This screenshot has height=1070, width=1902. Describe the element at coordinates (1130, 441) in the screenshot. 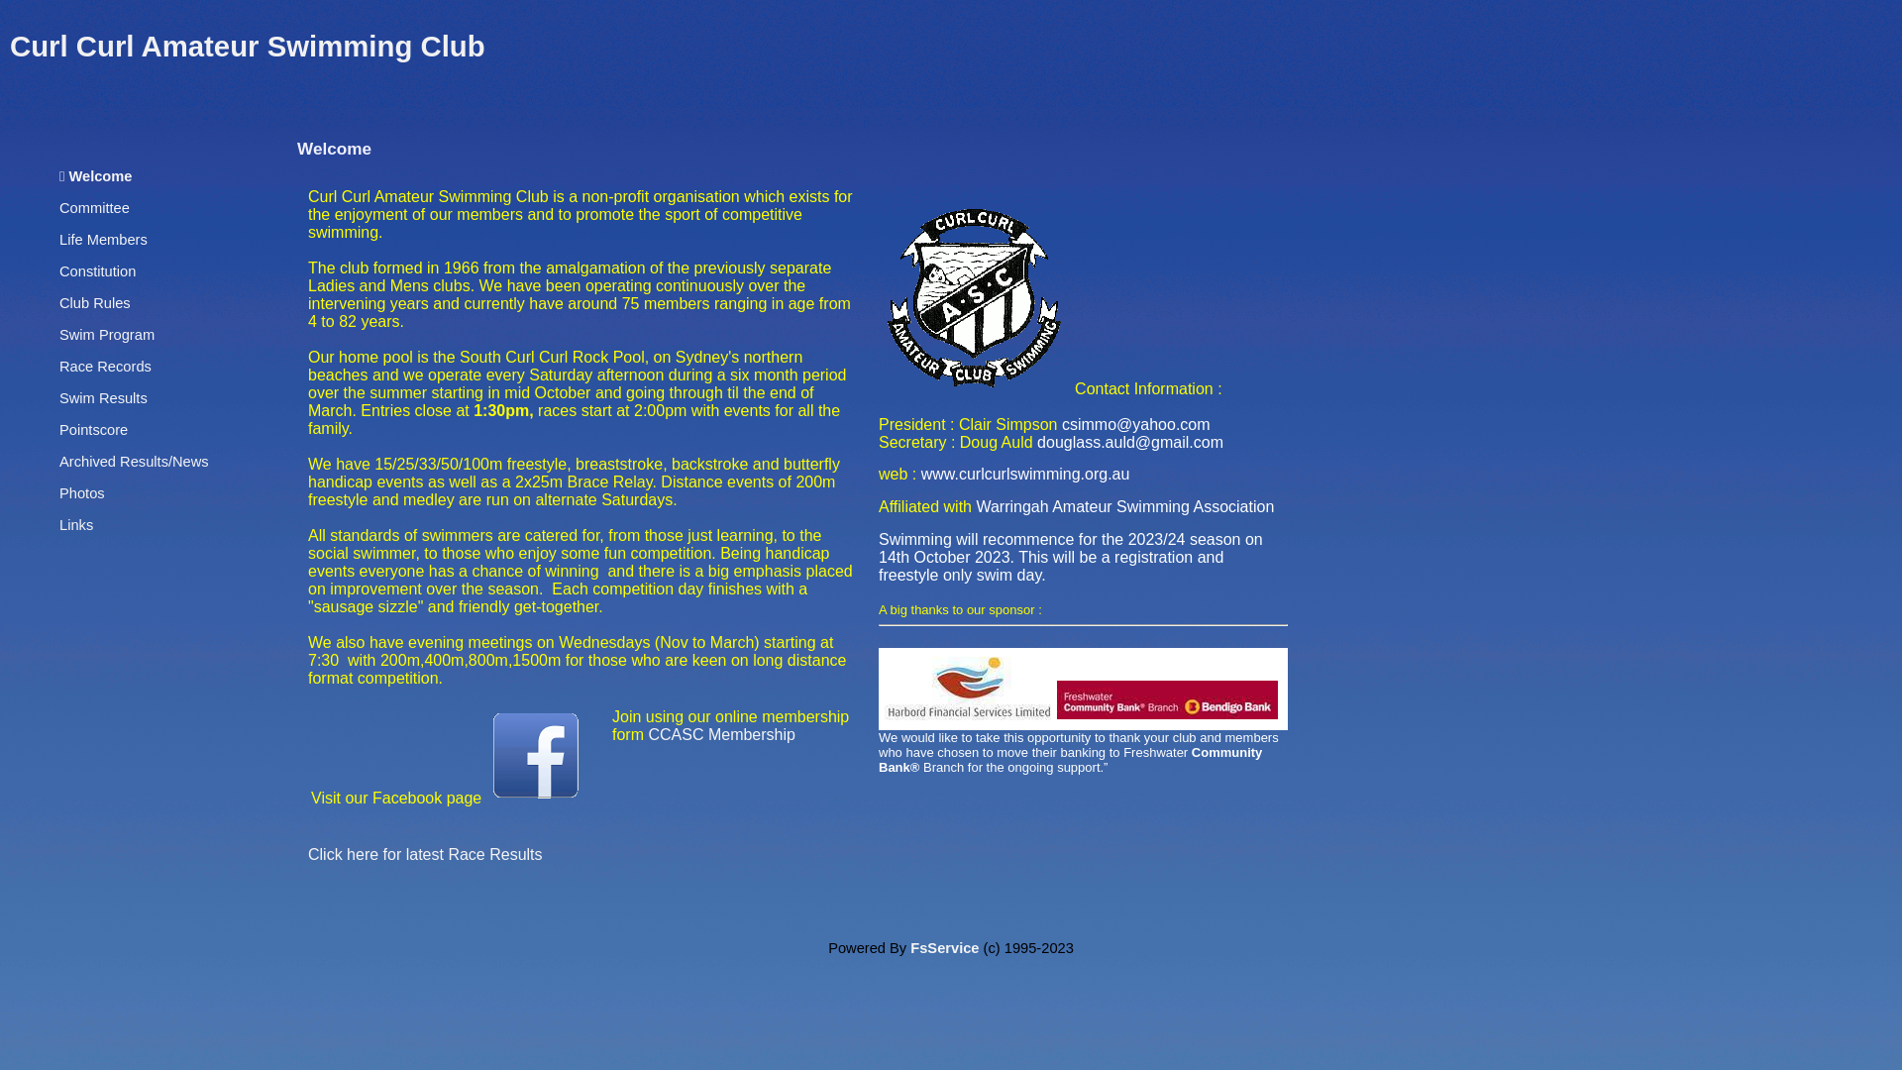

I see `'douglass.auld@gmail.com'` at that location.